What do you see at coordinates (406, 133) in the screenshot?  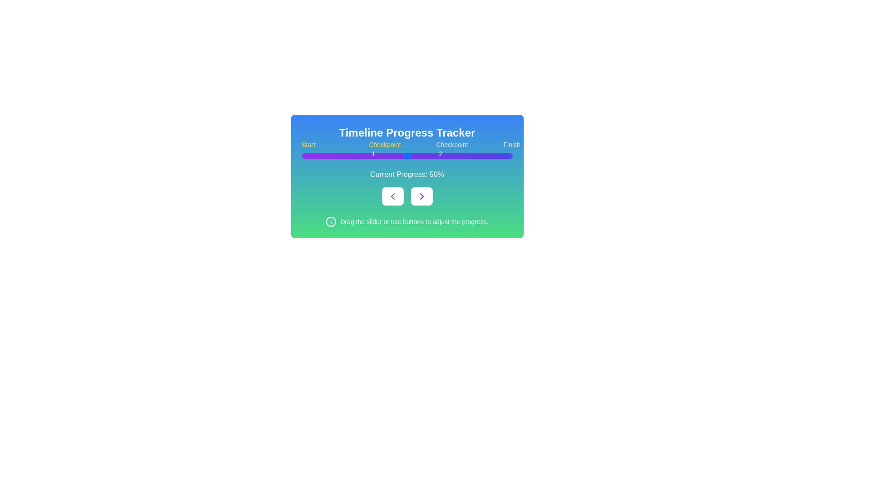 I see `the title or header text element located at the top-center of the interface, which serves to indicate the purpose or context of the section` at bounding box center [406, 133].